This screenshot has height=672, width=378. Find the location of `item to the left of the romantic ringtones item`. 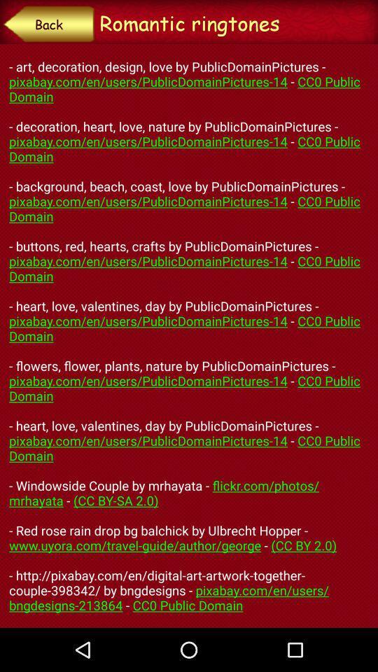

item to the left of the romantic ringtones item is located at coordinates (48, 23).